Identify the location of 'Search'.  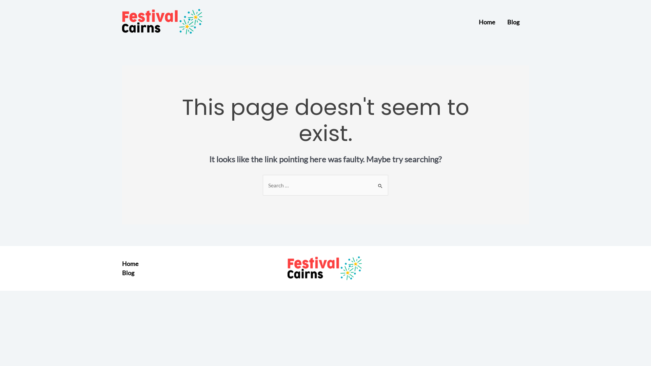
(380, 184).